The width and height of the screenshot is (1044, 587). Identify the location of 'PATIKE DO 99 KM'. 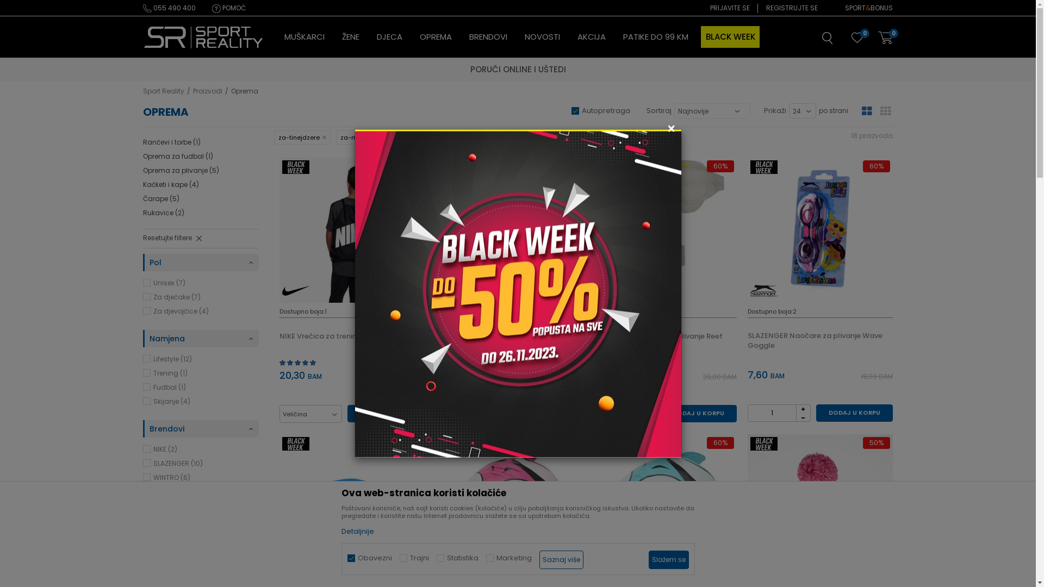
(655, 36).